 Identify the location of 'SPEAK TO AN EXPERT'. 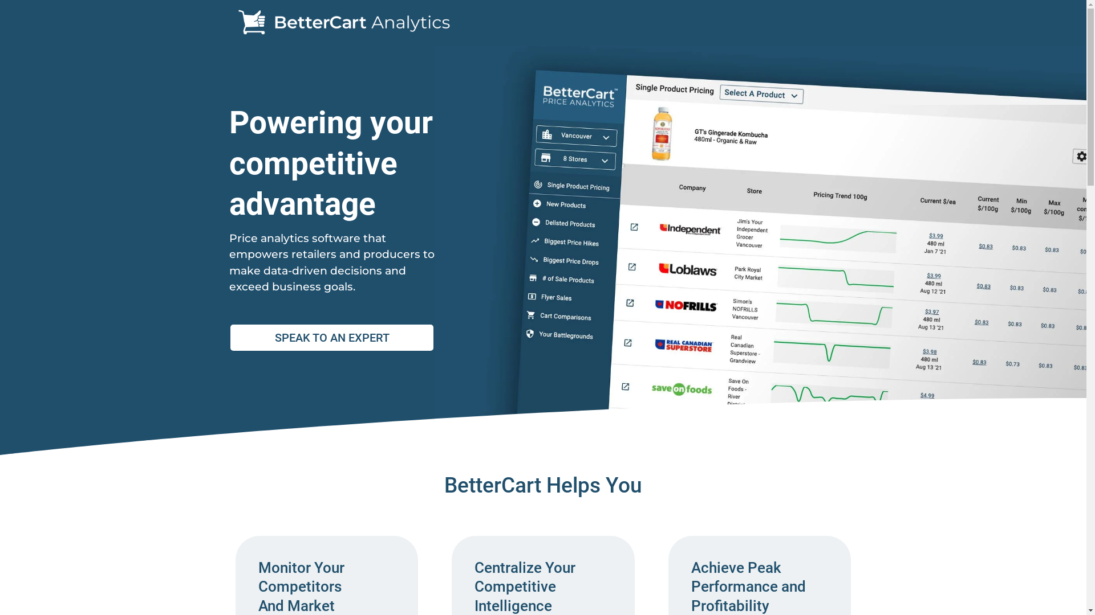
(331, 337).